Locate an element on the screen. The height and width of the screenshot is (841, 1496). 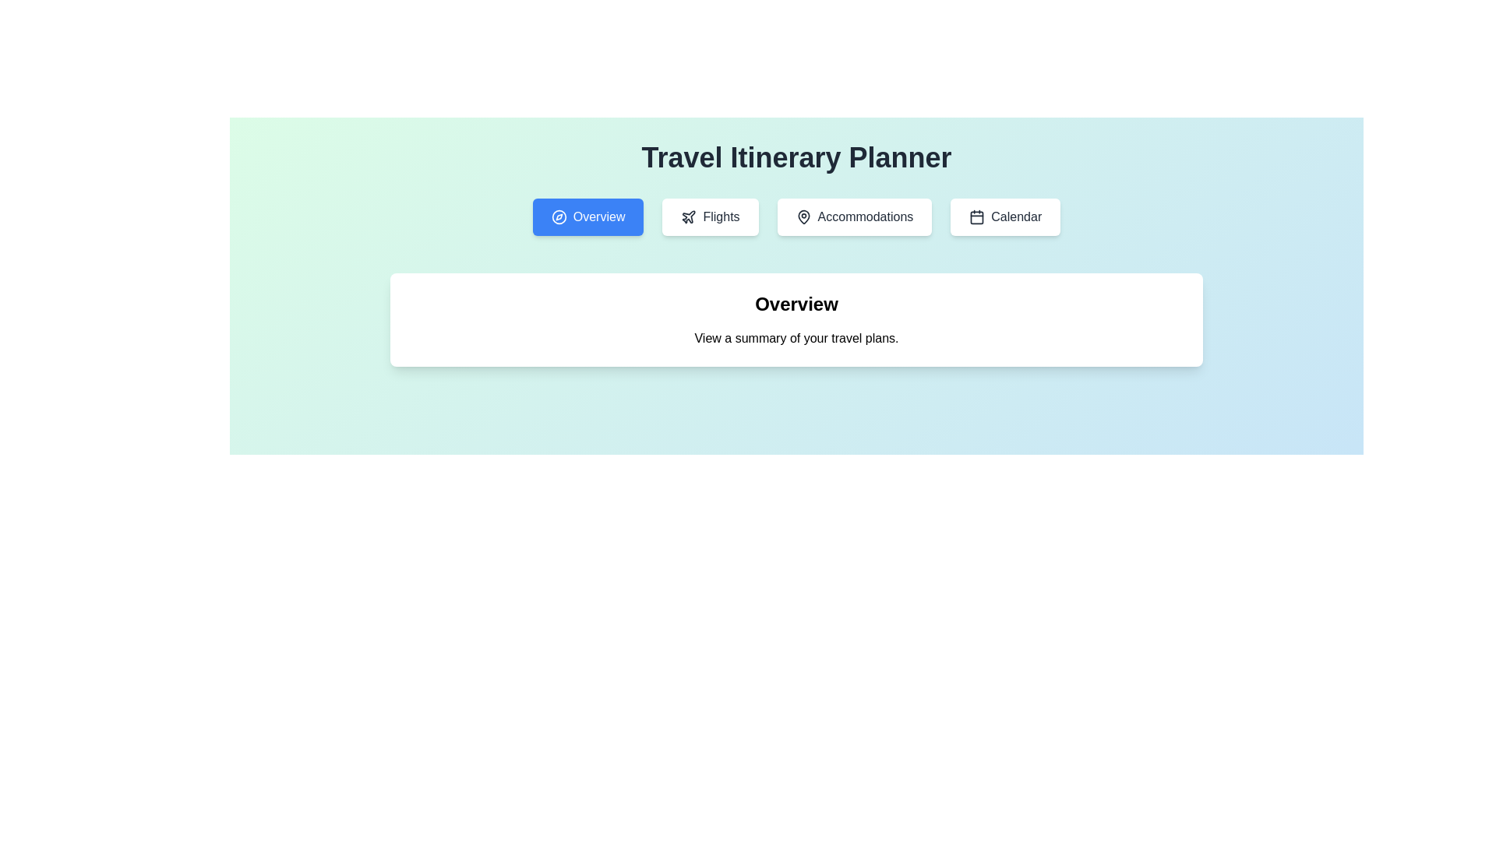
the 'Overview' button, which is represented by the icon located at the left side of the interface is located at coordinates (559, 216).